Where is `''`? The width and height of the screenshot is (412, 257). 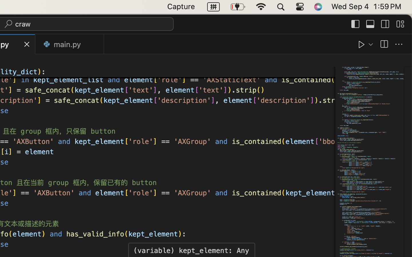
'' is located at coordinates (362, 44).